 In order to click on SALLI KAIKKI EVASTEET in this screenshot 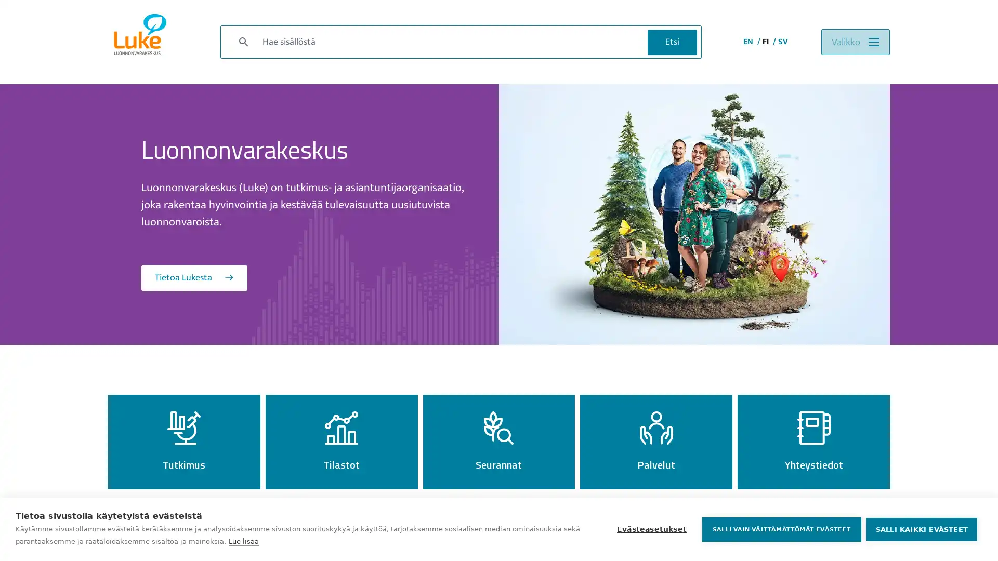, I will do `click(921, 529)`.